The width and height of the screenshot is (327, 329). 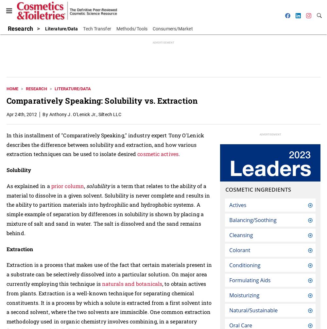 What do you see at coordinates (240, 325) in the screenshot?
I see `'Oral Care'` at bounding box center [240, 325].